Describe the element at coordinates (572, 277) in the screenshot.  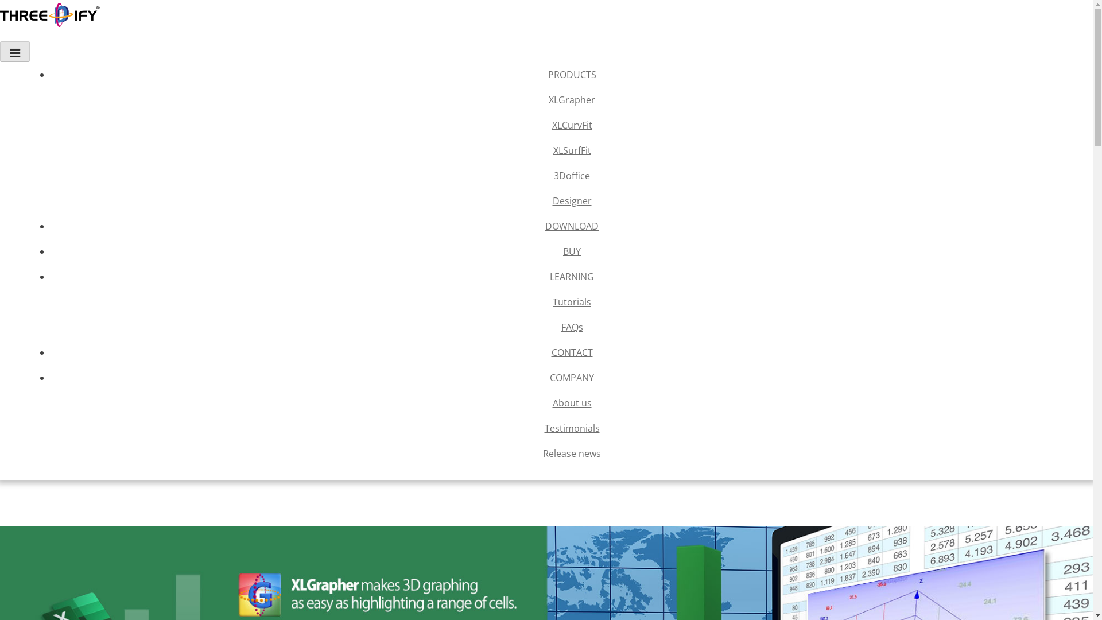
I see `'LEARNING'` at that location.